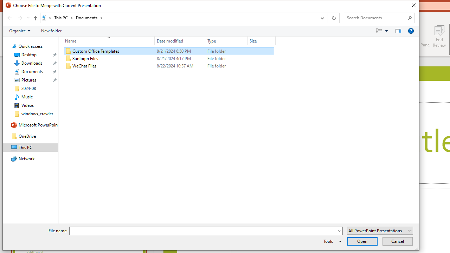 The height and width of the screenshot is (253, 450). I want to click on 'Up band toolbar', so click(35, 19).